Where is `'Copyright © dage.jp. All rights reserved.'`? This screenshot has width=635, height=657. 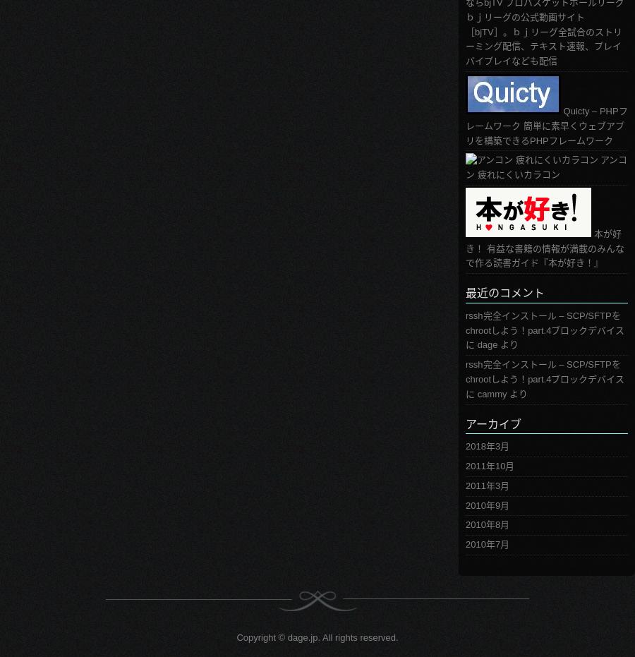 'Copyright © dage.jp. All rights reserved.' is located at coordinates (317, 637).